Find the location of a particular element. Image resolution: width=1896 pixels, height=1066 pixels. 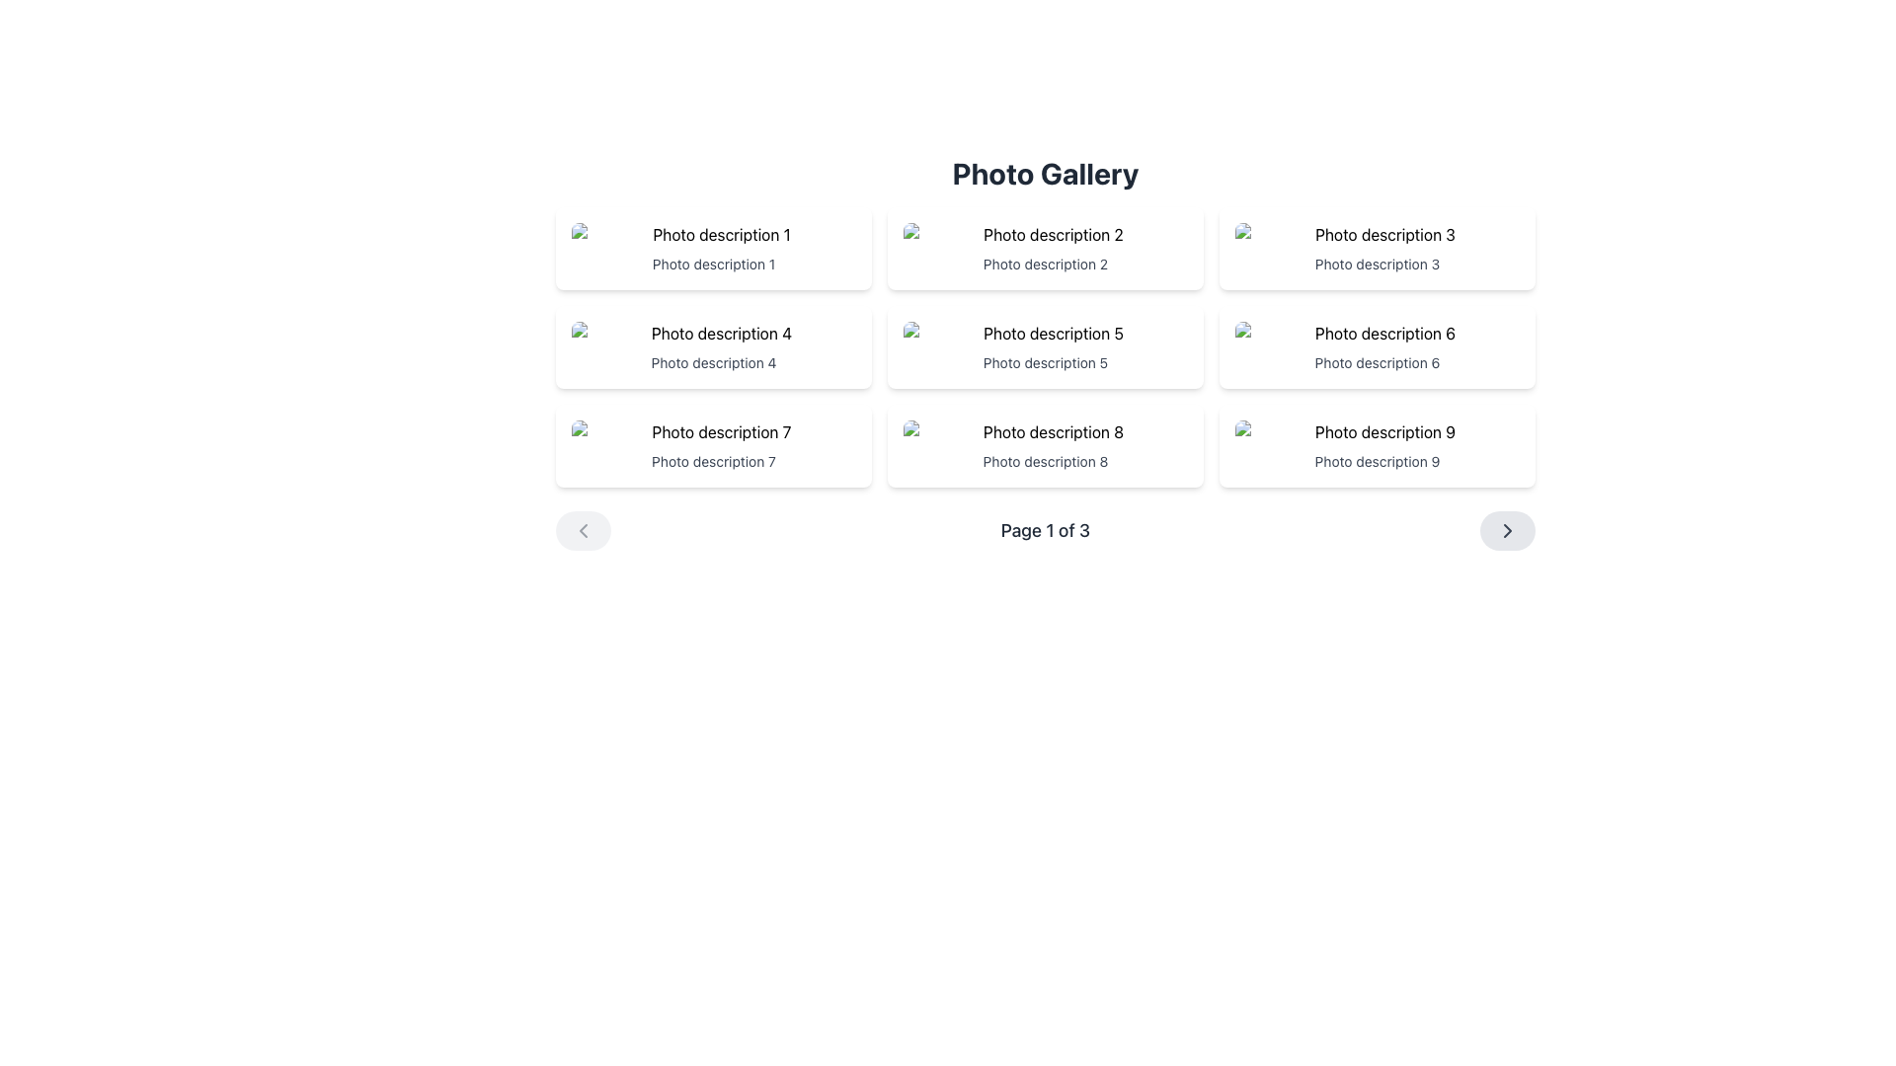

the text label that describes the image, which displays 'Photo description 8' and is located at the bottom-center of the card in the third row and second column of the grid layout is located at coordinates (1045, 461).